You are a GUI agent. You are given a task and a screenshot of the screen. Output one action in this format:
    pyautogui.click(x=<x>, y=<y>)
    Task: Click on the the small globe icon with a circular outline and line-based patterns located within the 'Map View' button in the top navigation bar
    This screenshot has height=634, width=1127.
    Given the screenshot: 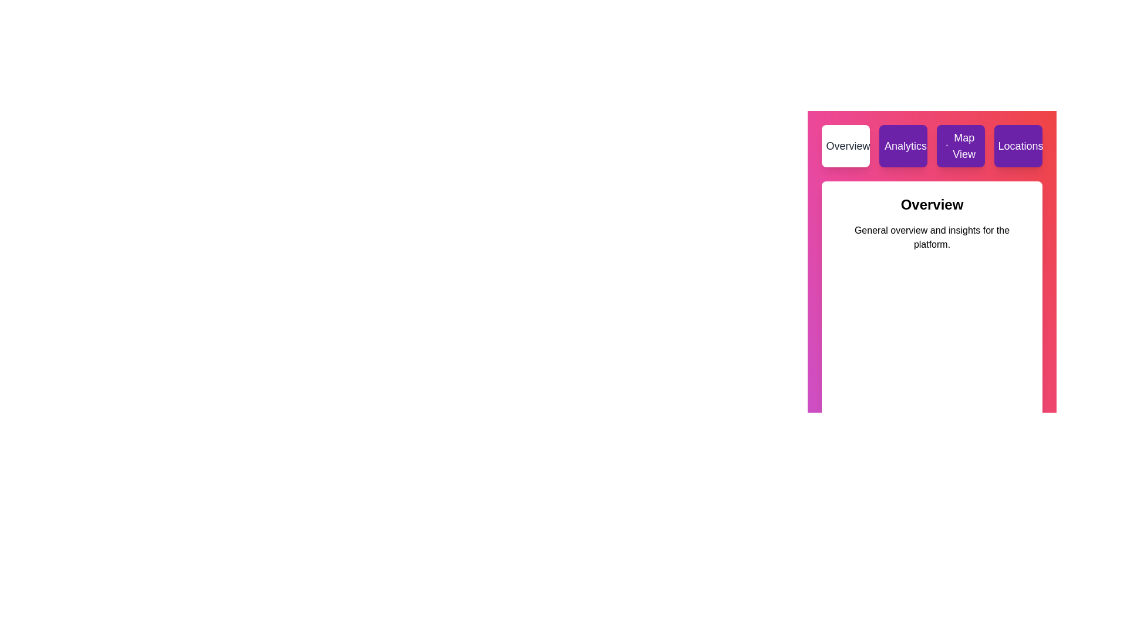 What is the action you would take?
    pyautogui.click(x=947, y=146)
    